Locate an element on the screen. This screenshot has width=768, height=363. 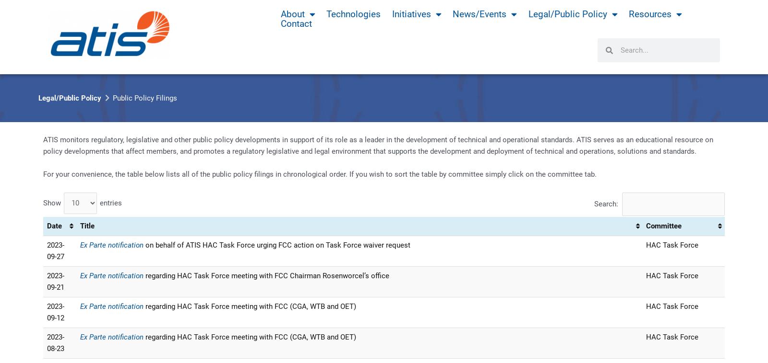
'About' is located at coordinates (280, 14).